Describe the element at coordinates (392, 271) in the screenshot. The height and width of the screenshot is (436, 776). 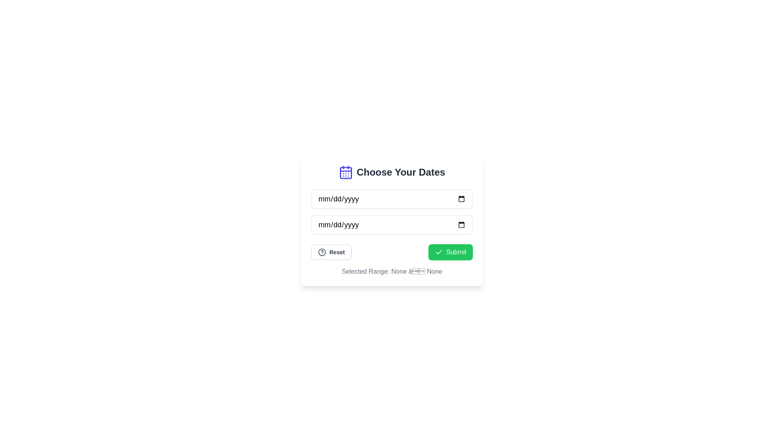
I see `the static textual indicator that displays feedback about the selected date range, located below the green 'Submit' button` at that location.